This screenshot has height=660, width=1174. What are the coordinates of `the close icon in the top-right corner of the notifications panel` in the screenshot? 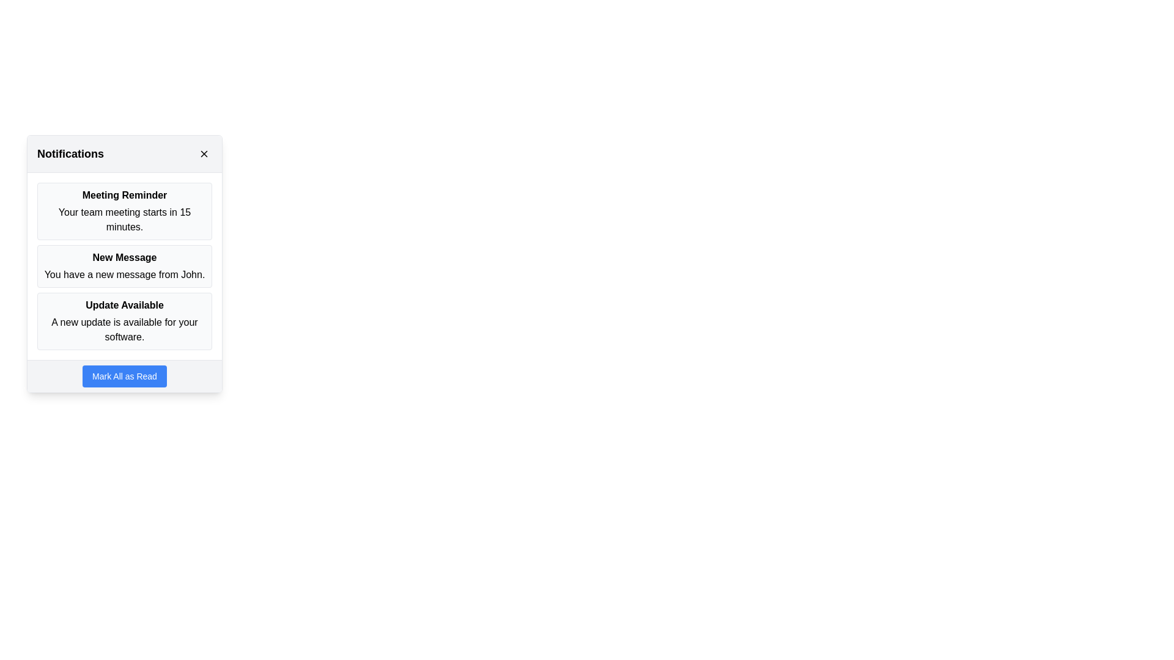 It's located at (204, 153).